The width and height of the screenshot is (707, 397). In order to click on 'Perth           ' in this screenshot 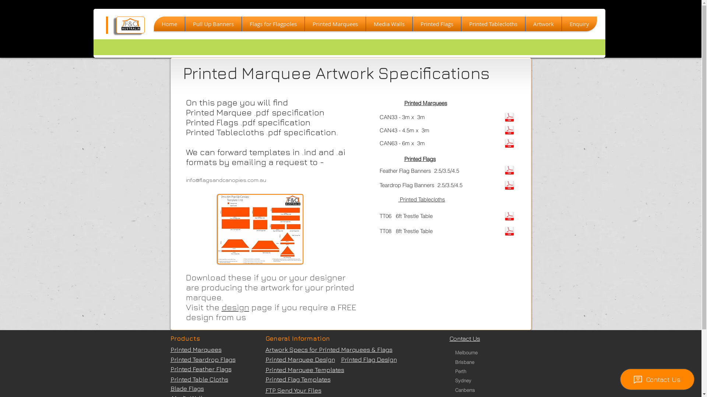, I will do `click(455, 371)`.